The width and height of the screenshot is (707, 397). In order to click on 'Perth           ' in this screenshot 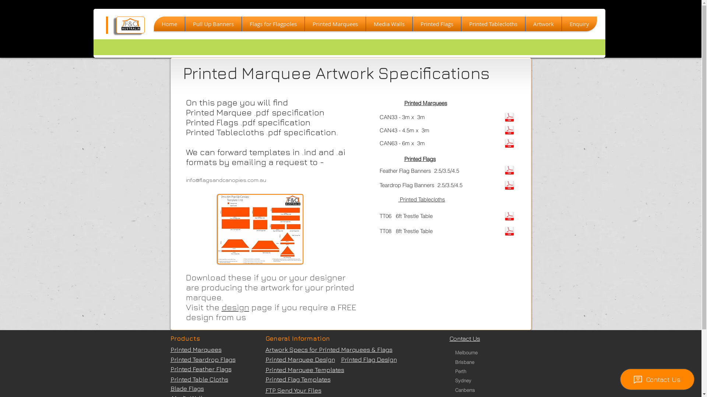, I will do `click(455, 371)`.